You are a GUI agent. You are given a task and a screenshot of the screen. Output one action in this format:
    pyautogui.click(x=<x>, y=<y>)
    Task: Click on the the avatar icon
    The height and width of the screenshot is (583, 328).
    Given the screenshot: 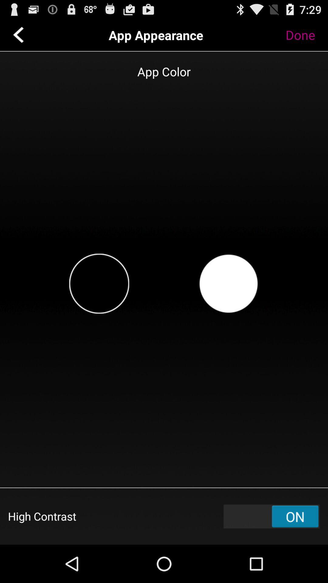 What is the action you would take?
    pyautogui.click(x=99, y=303)
    